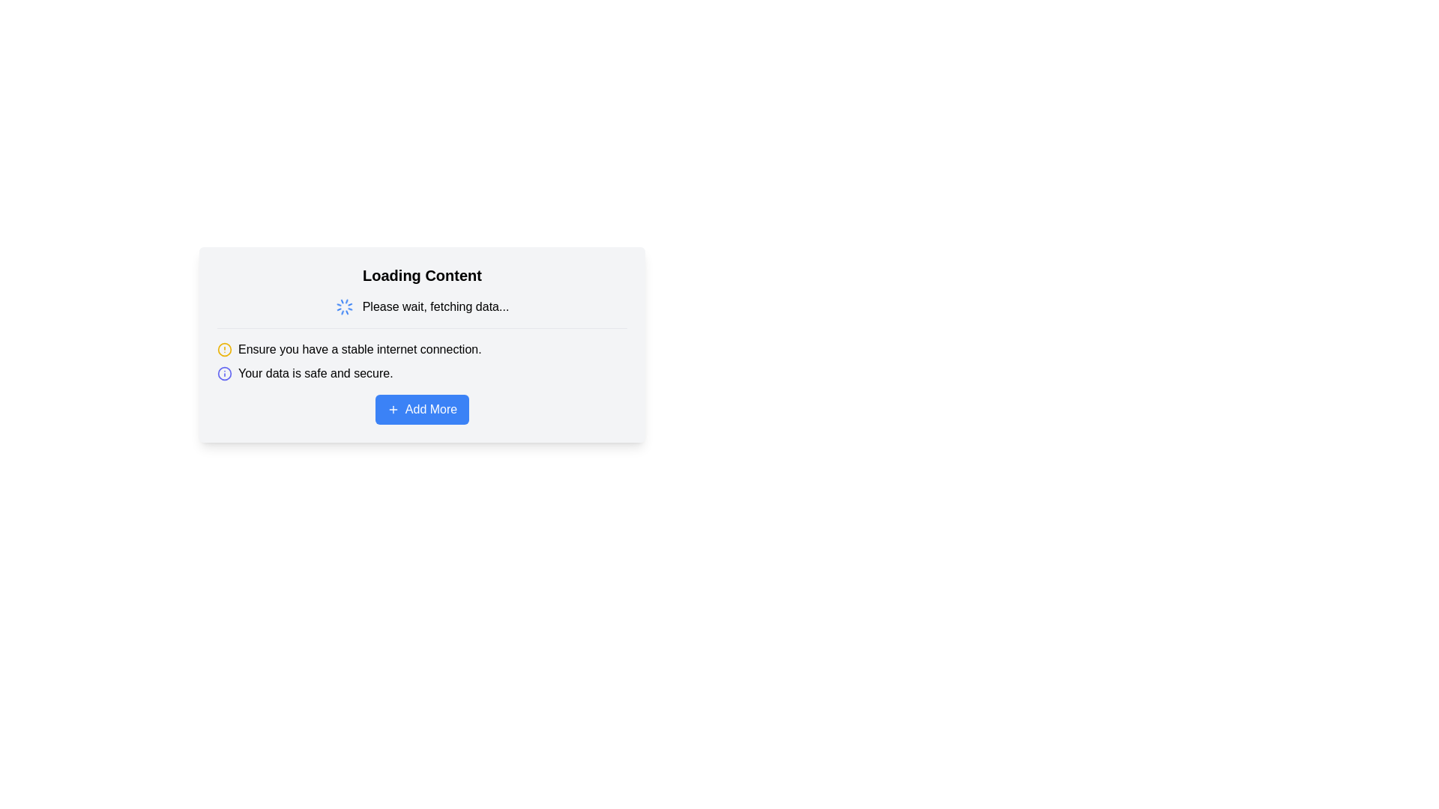  I want to click on the 'Add More' button located at the bottom of the centered modal box, so click(421, 410).